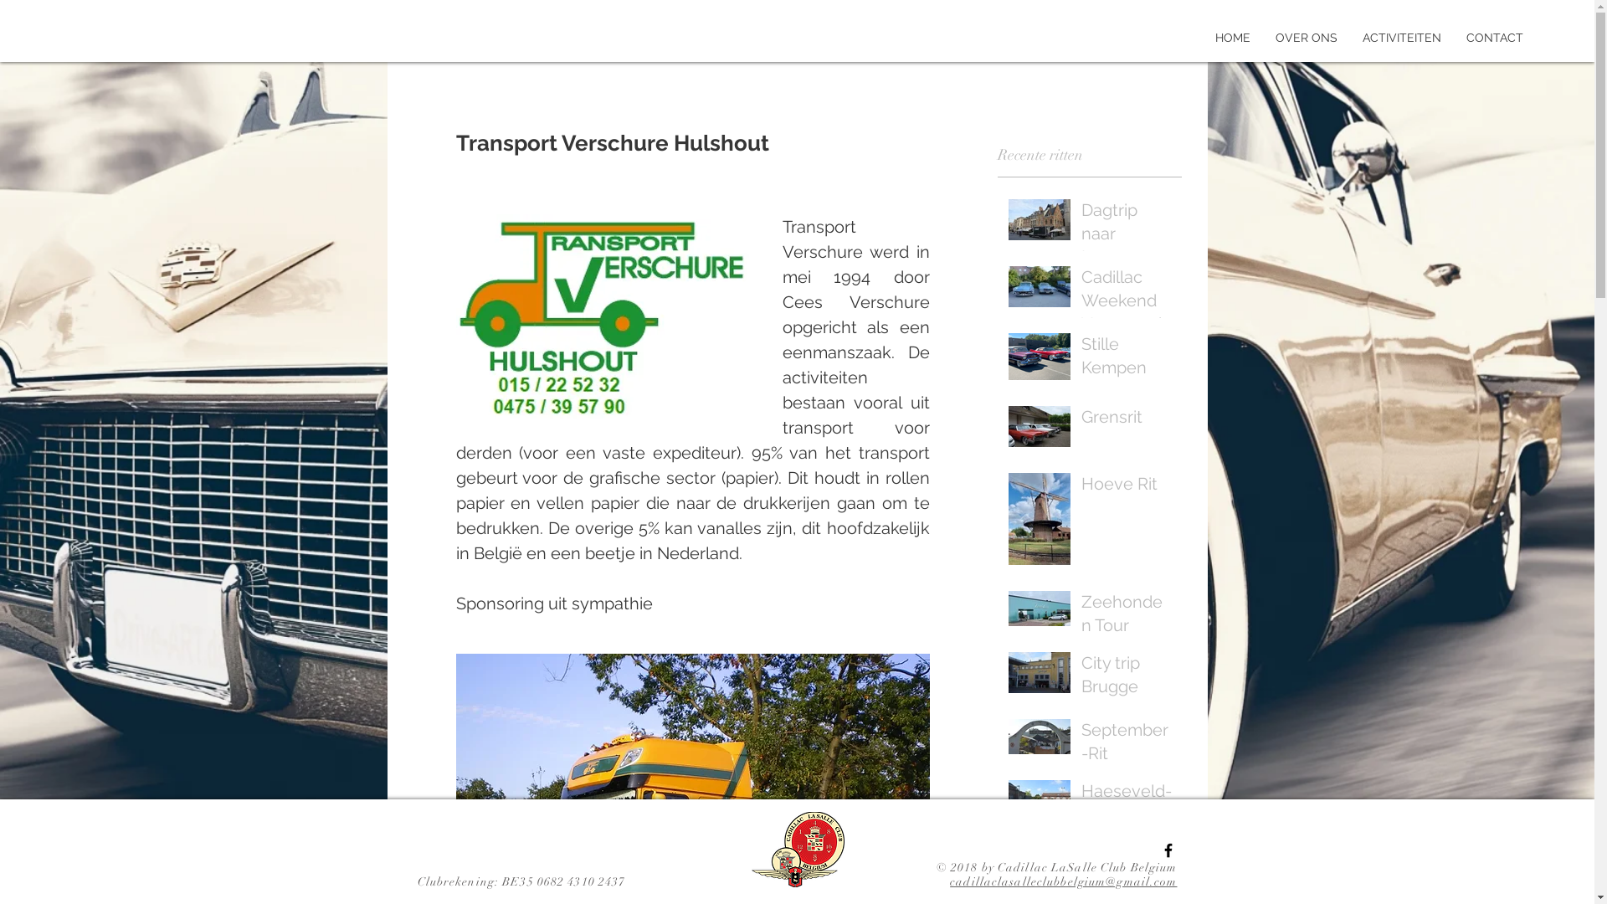 The width and height of the screenshot is (1607, 904). What do you see at coordinates (1081, 357) in the screenshot?
I see `'Stille Kempen'` at bounding box center [1081, 357].